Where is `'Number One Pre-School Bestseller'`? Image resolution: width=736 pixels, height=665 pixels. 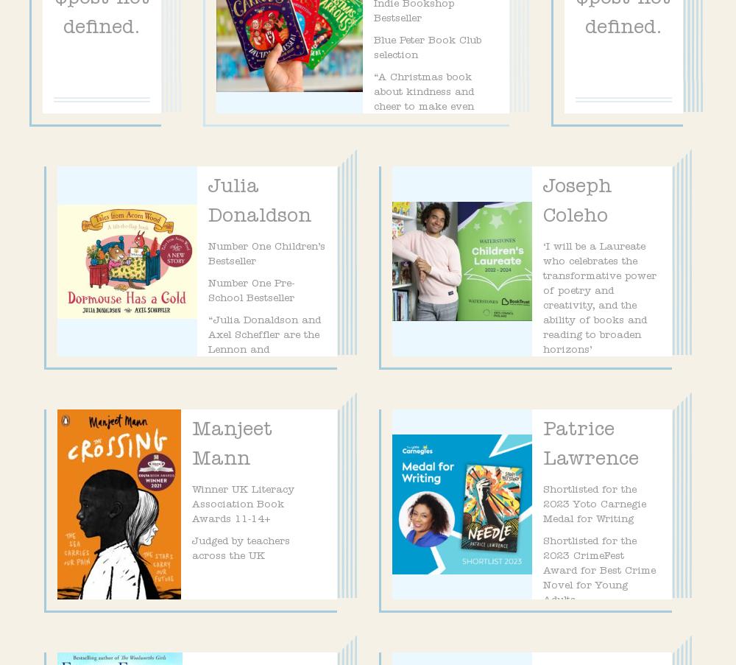
'Number One Pre-School Bestseller' is located at coordinates (250, 290).